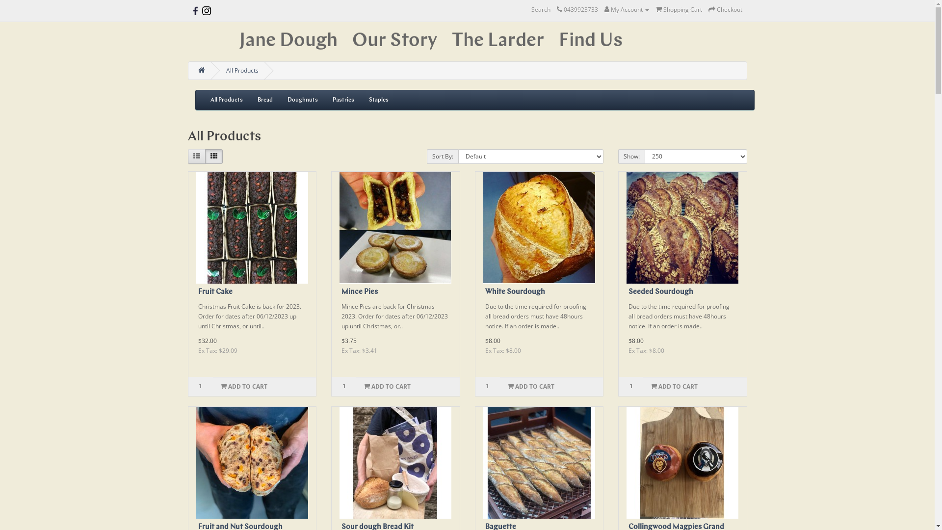 This screenshot has height=530, width=942. What do you see at coordinates (214, 291) in the screenshot?
I see `'Fruit Cake'` at bounding box center [214, 291].